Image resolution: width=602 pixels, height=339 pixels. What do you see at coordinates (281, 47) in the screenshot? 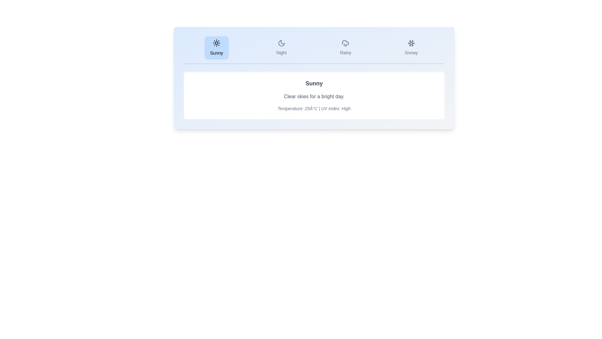
I see `the Night tab by clicking on its button` at bounding box center [281, 47].